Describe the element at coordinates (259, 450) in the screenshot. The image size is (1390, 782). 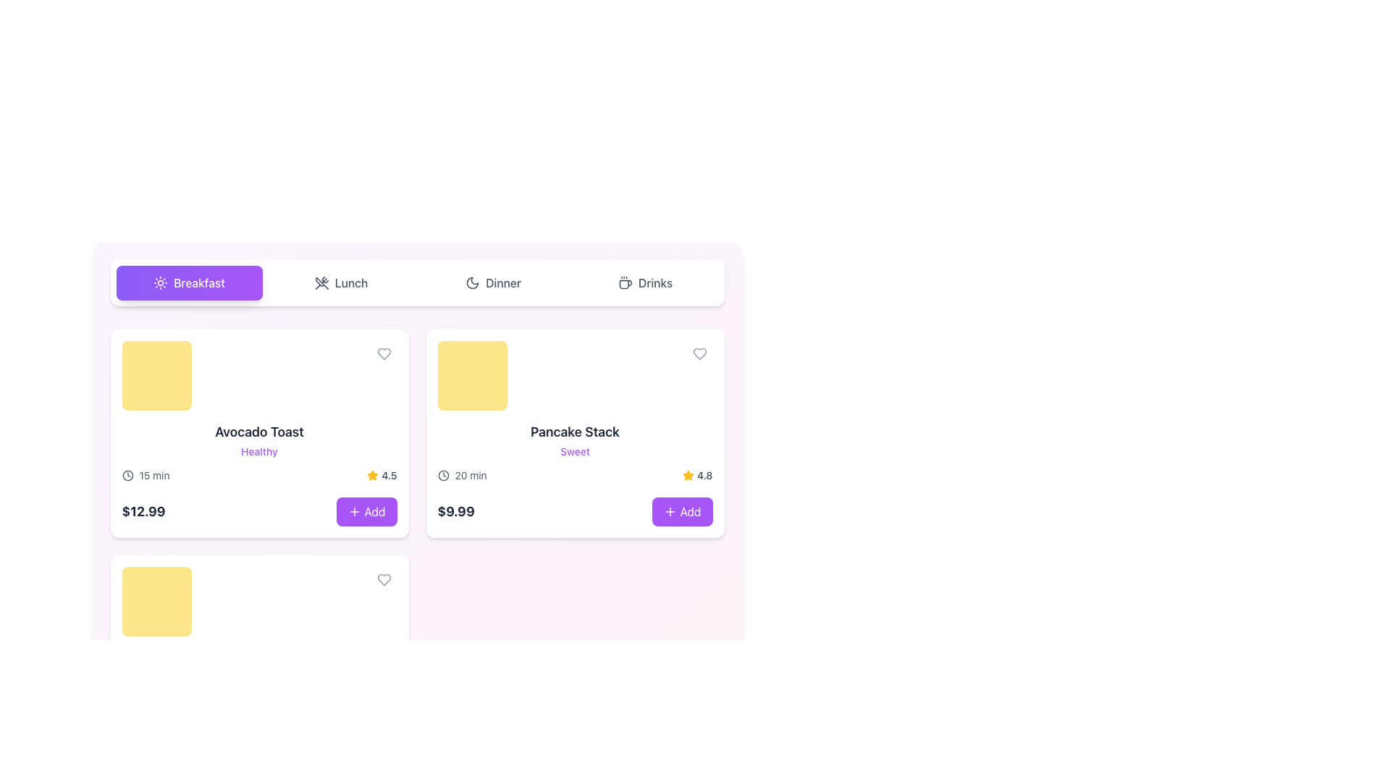
I see `the non-interactive text label 'Healthy' which is styled with small text size, medium weight font, and purple color, located below 'Avocado Toast' in a card-like structure` at that location.